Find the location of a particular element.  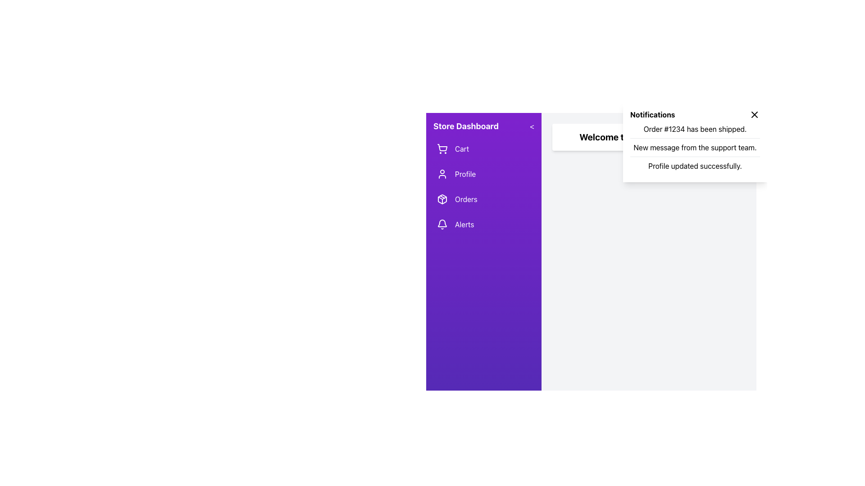

the Notification Panel located at the upper-right corner of the interface, displaying recent updates or messages is located at coordinates (694, 142).